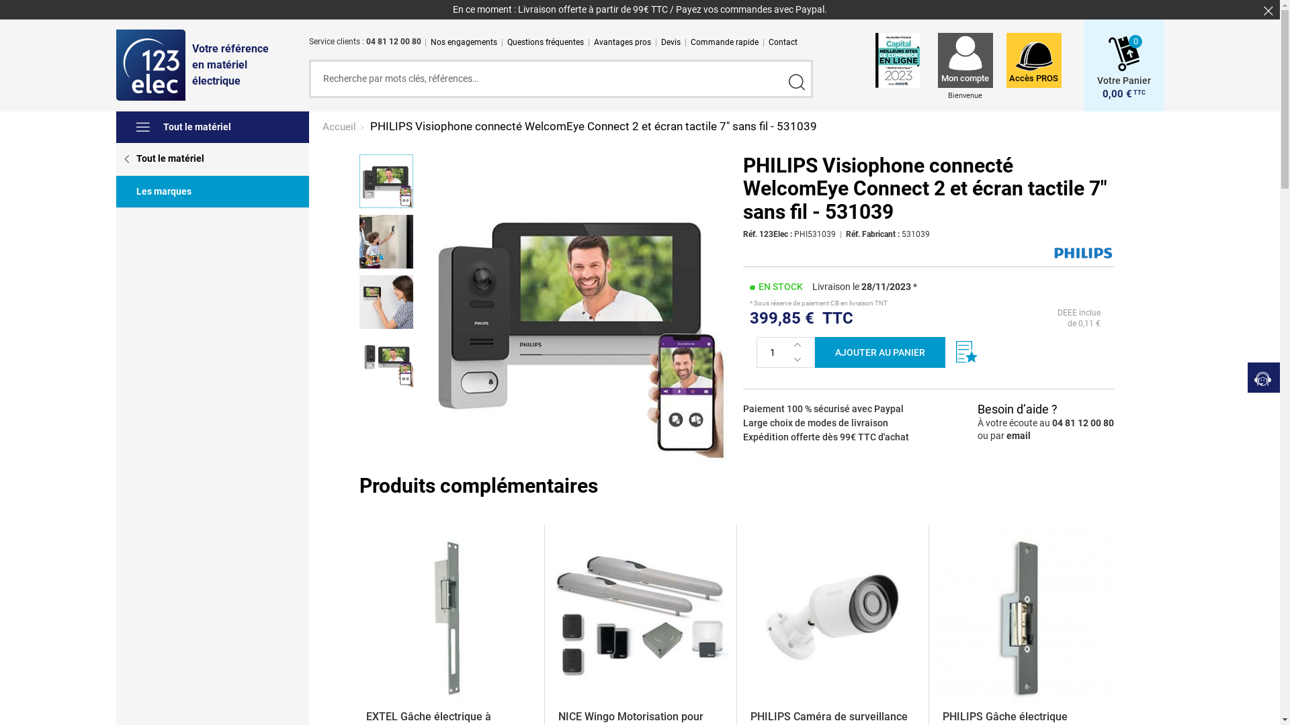 The height and width of the screenshot is (725, 1290). I want to click on 'email', so click(1006, 435).